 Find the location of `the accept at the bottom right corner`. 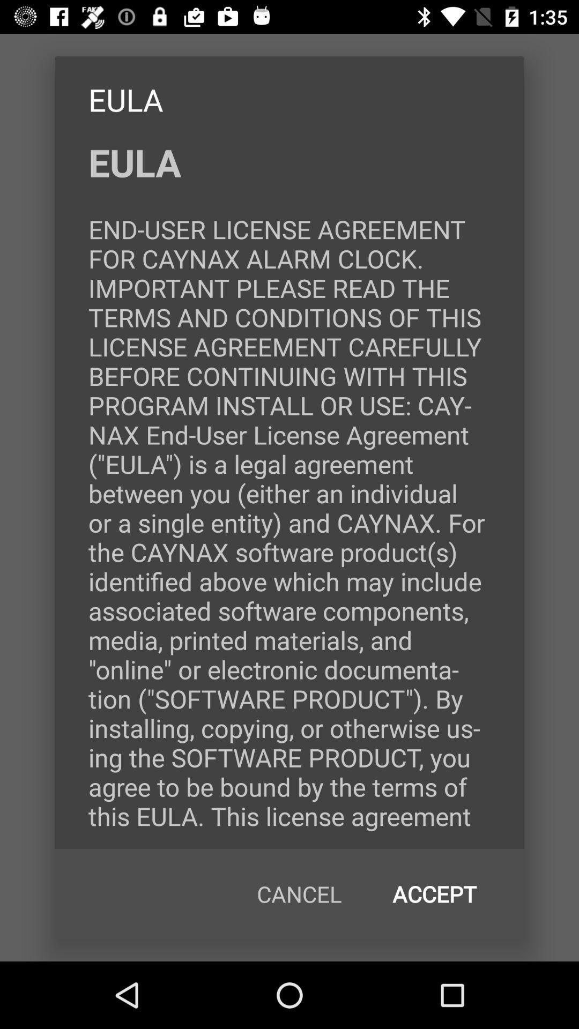

the accept at the bottom right corner is located at coordinates (434, 894).